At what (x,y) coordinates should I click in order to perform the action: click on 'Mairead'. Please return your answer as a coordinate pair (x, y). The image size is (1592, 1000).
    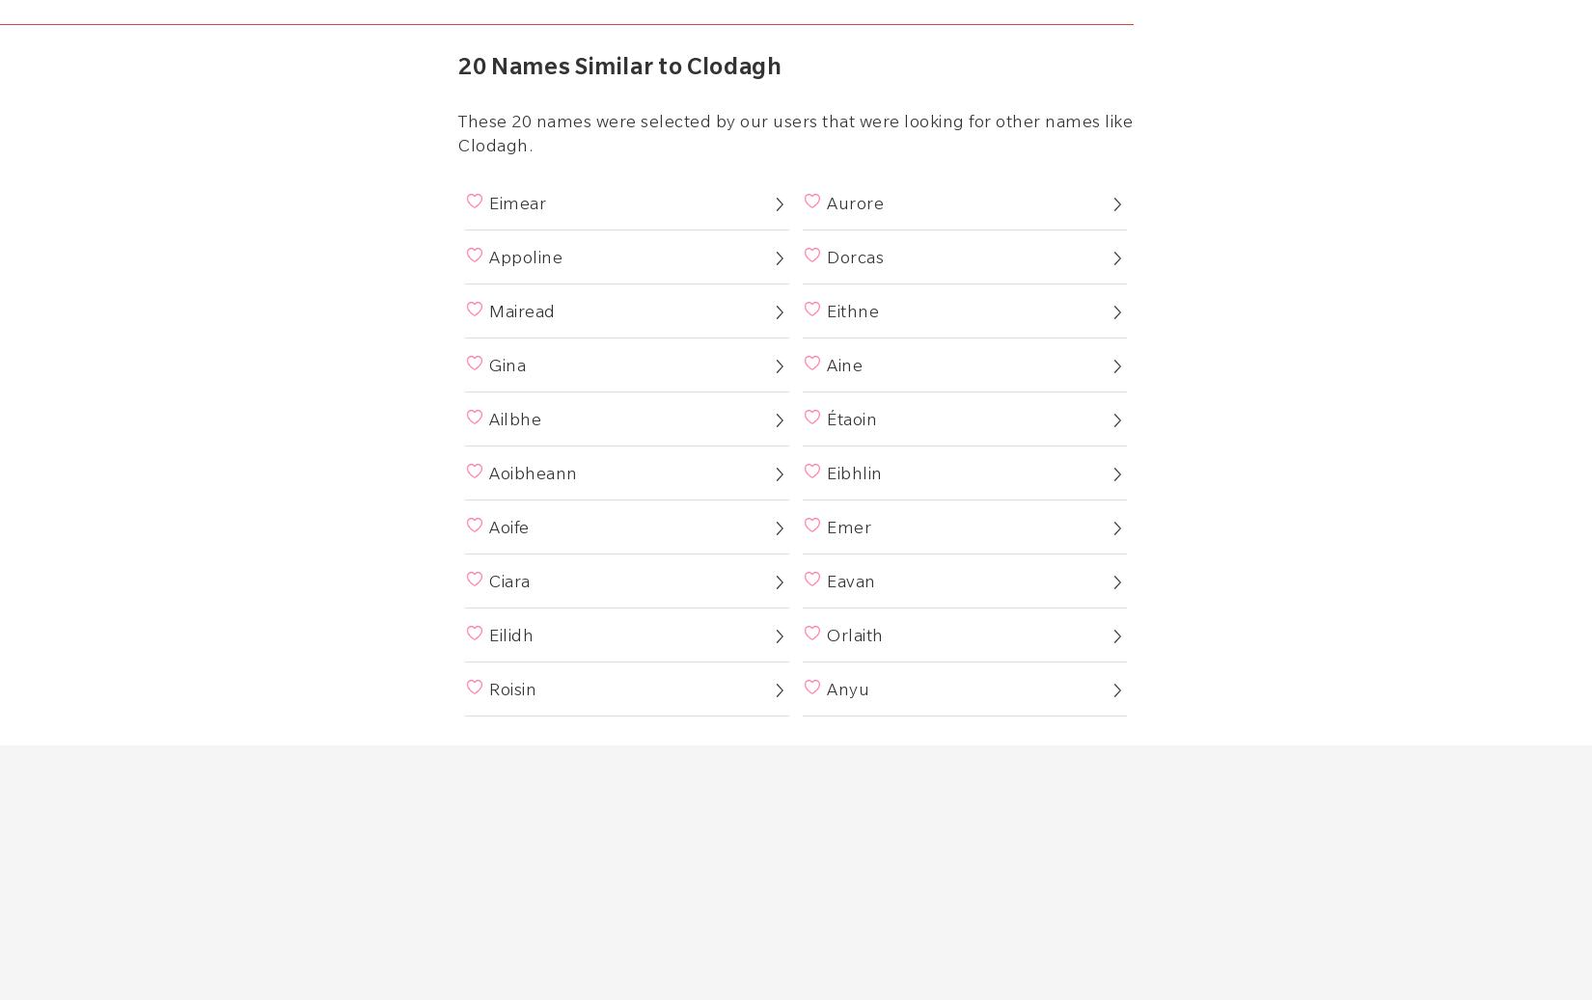
    Looking at the image, I should click on (521, 310).